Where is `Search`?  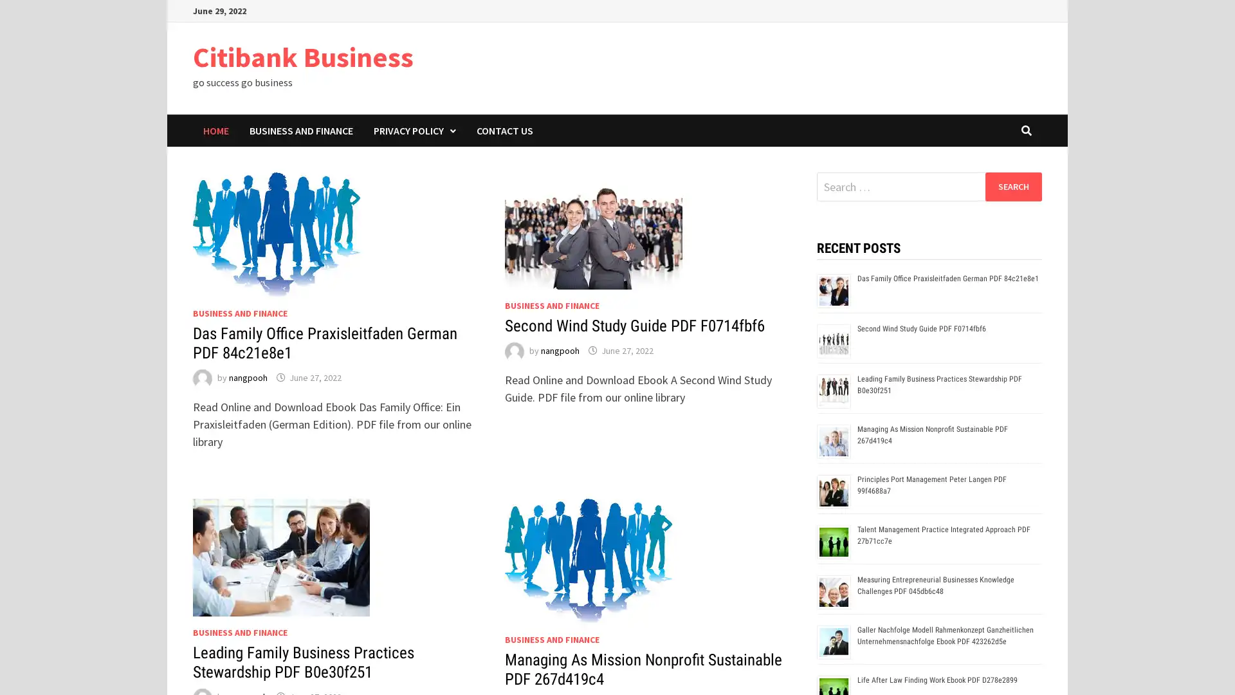 Search is located at coordinates (1012, 186).